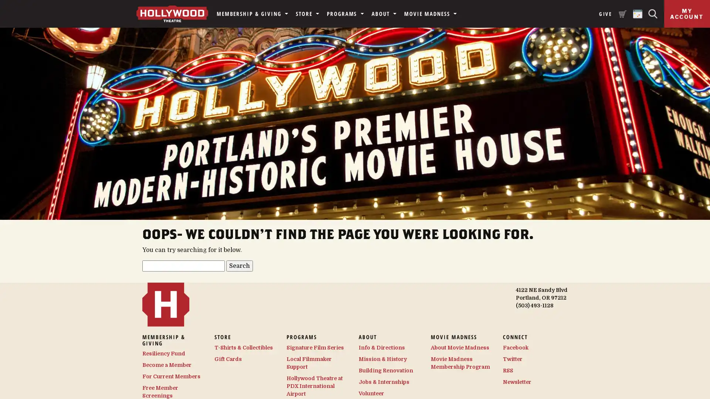 This screenshot has height=399, width=710. I want to click on Search, so click(240, 266).